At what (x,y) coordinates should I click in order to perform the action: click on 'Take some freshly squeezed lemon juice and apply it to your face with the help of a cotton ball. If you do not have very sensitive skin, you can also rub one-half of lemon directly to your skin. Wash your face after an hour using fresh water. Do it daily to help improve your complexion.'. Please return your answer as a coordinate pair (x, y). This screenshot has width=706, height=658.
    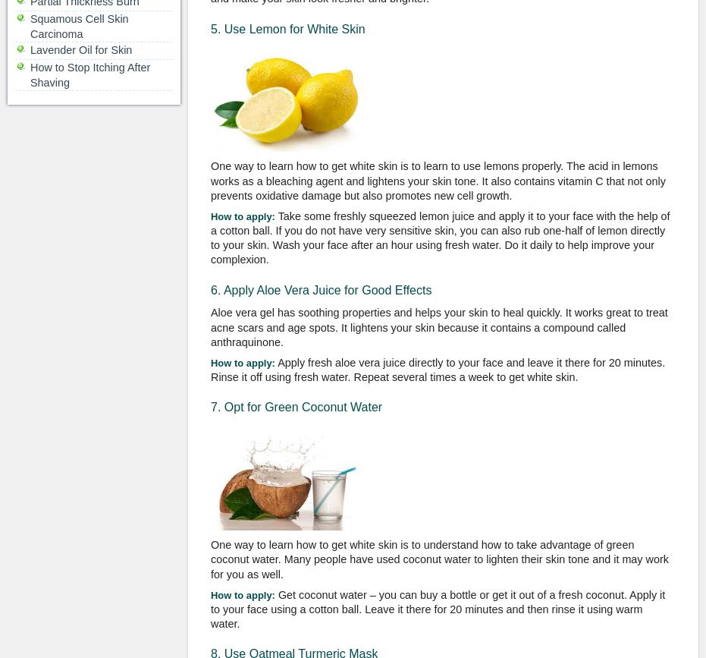
    Looking at the image, I should click on (439, 237).